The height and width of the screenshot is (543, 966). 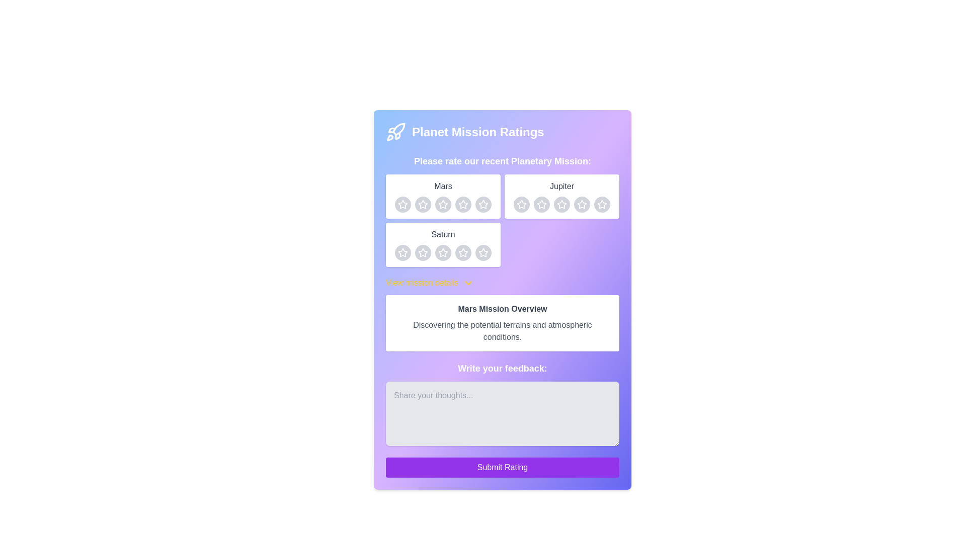 I want to click on the circular button featuring a star icon at its center, which is the third star from the left in the second group of rating stars corresponding to Jupiter, so click(x=561, y=204).